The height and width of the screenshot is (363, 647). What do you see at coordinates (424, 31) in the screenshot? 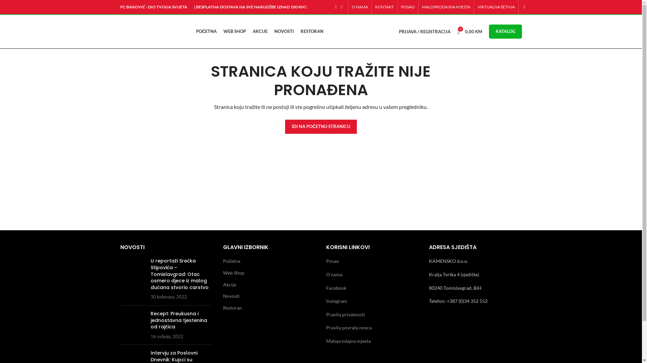
I see `'PRIJAVA / REGISTRACIJA'` at bounding box center [424, 31].